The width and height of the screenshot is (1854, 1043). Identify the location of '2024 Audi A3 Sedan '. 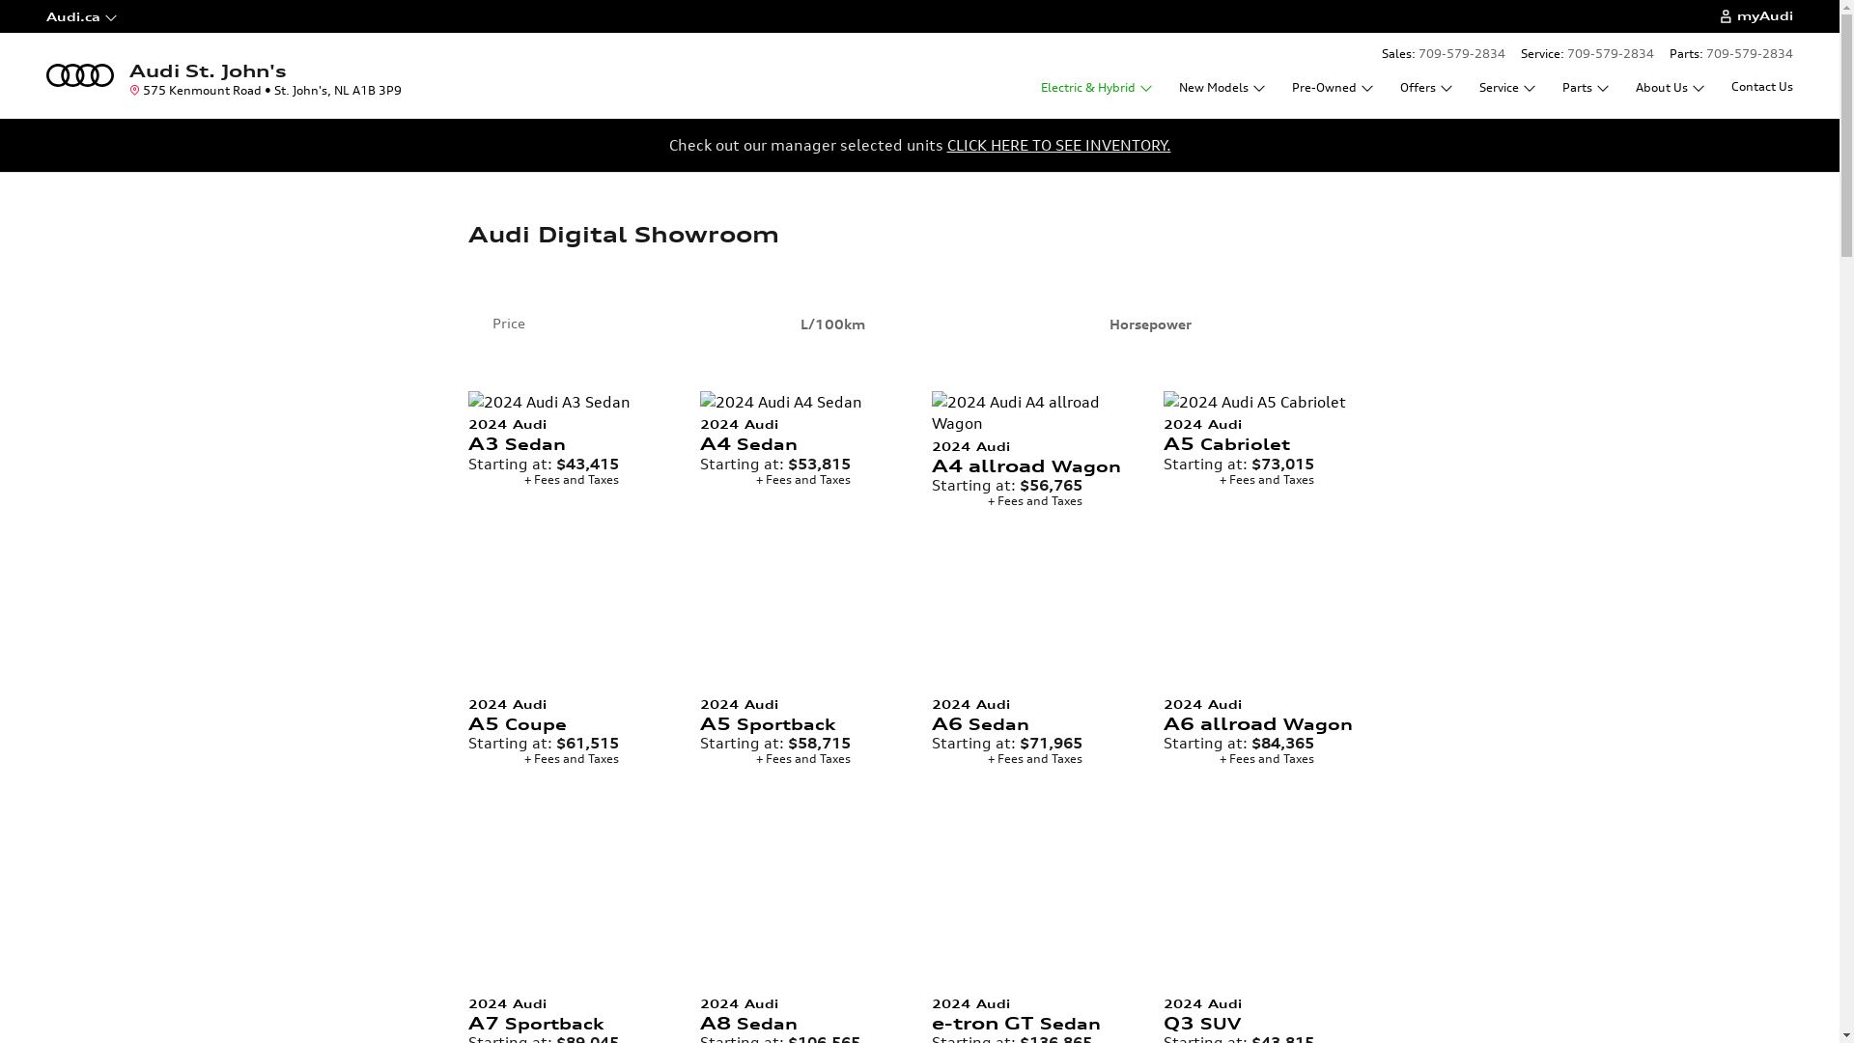
(570, 400).